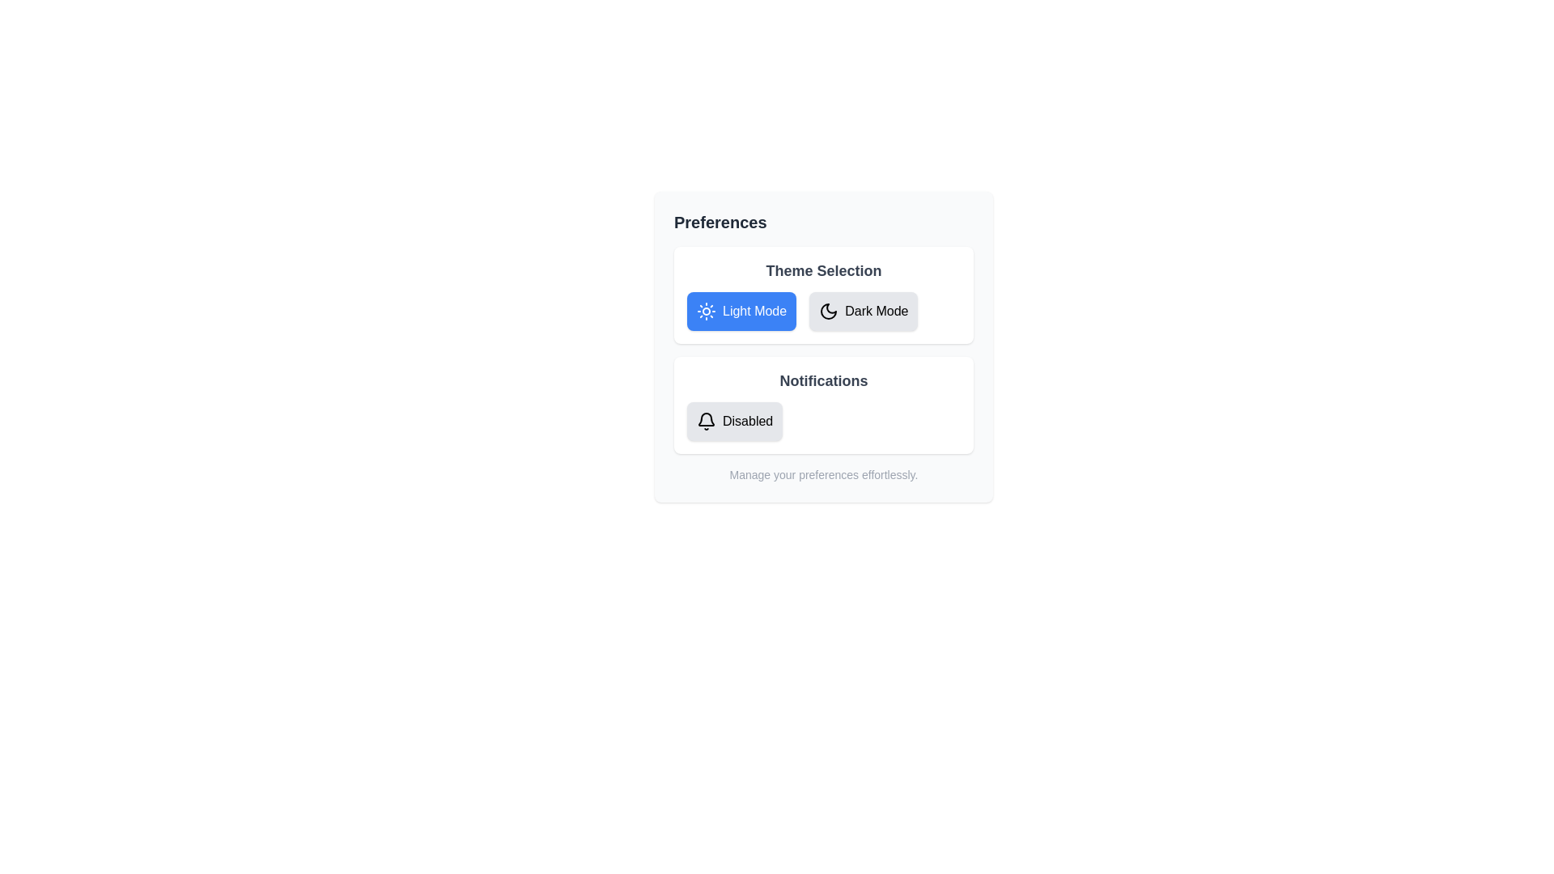  What do you see at coordinates (823, 312) in the screenshot?
I see `the 'Light Mode' button in the Toggle button group` at bounding box center [823, 312].